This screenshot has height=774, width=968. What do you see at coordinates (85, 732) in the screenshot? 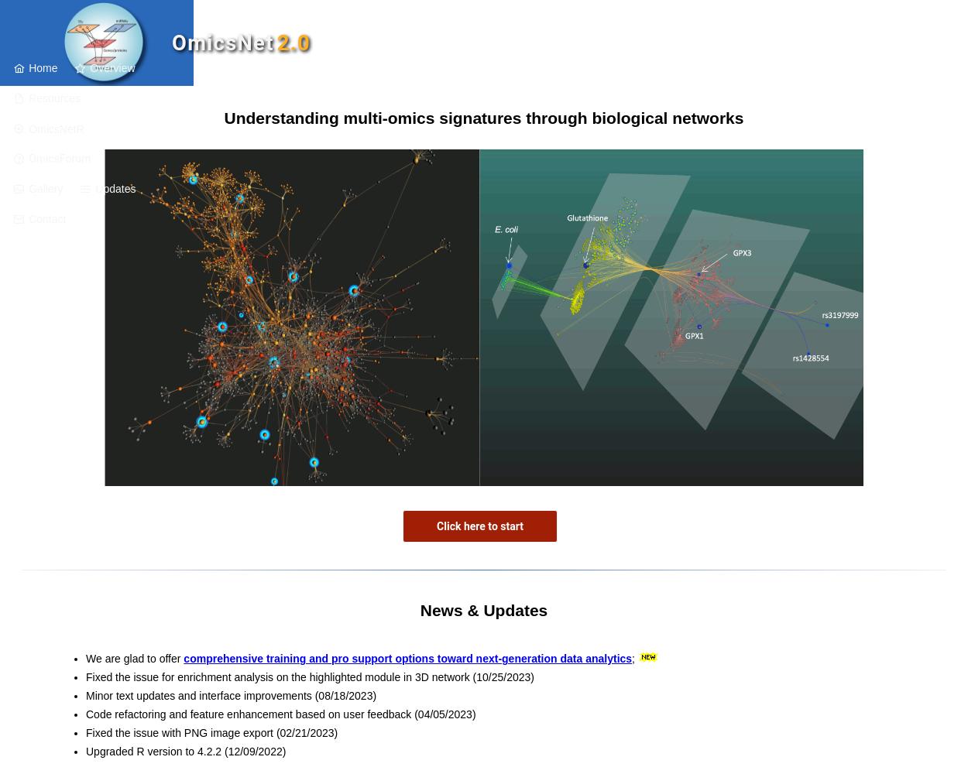
I see `'Fixed the issue with PNG image export (02/21/2023)'` at bounding box center [85, 732].